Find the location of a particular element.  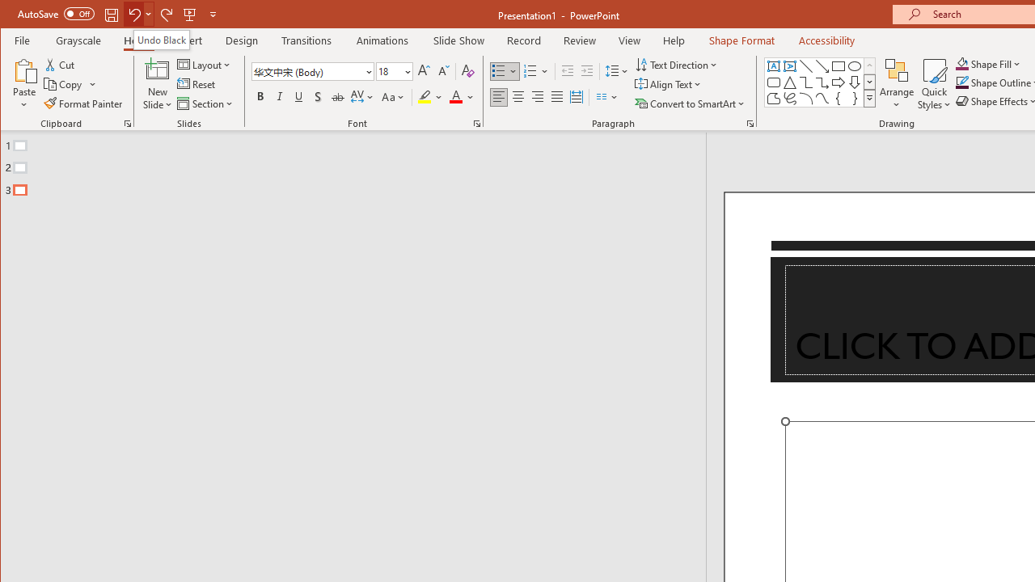

'Freeform: Shape' is located at coordinates (772, 99).